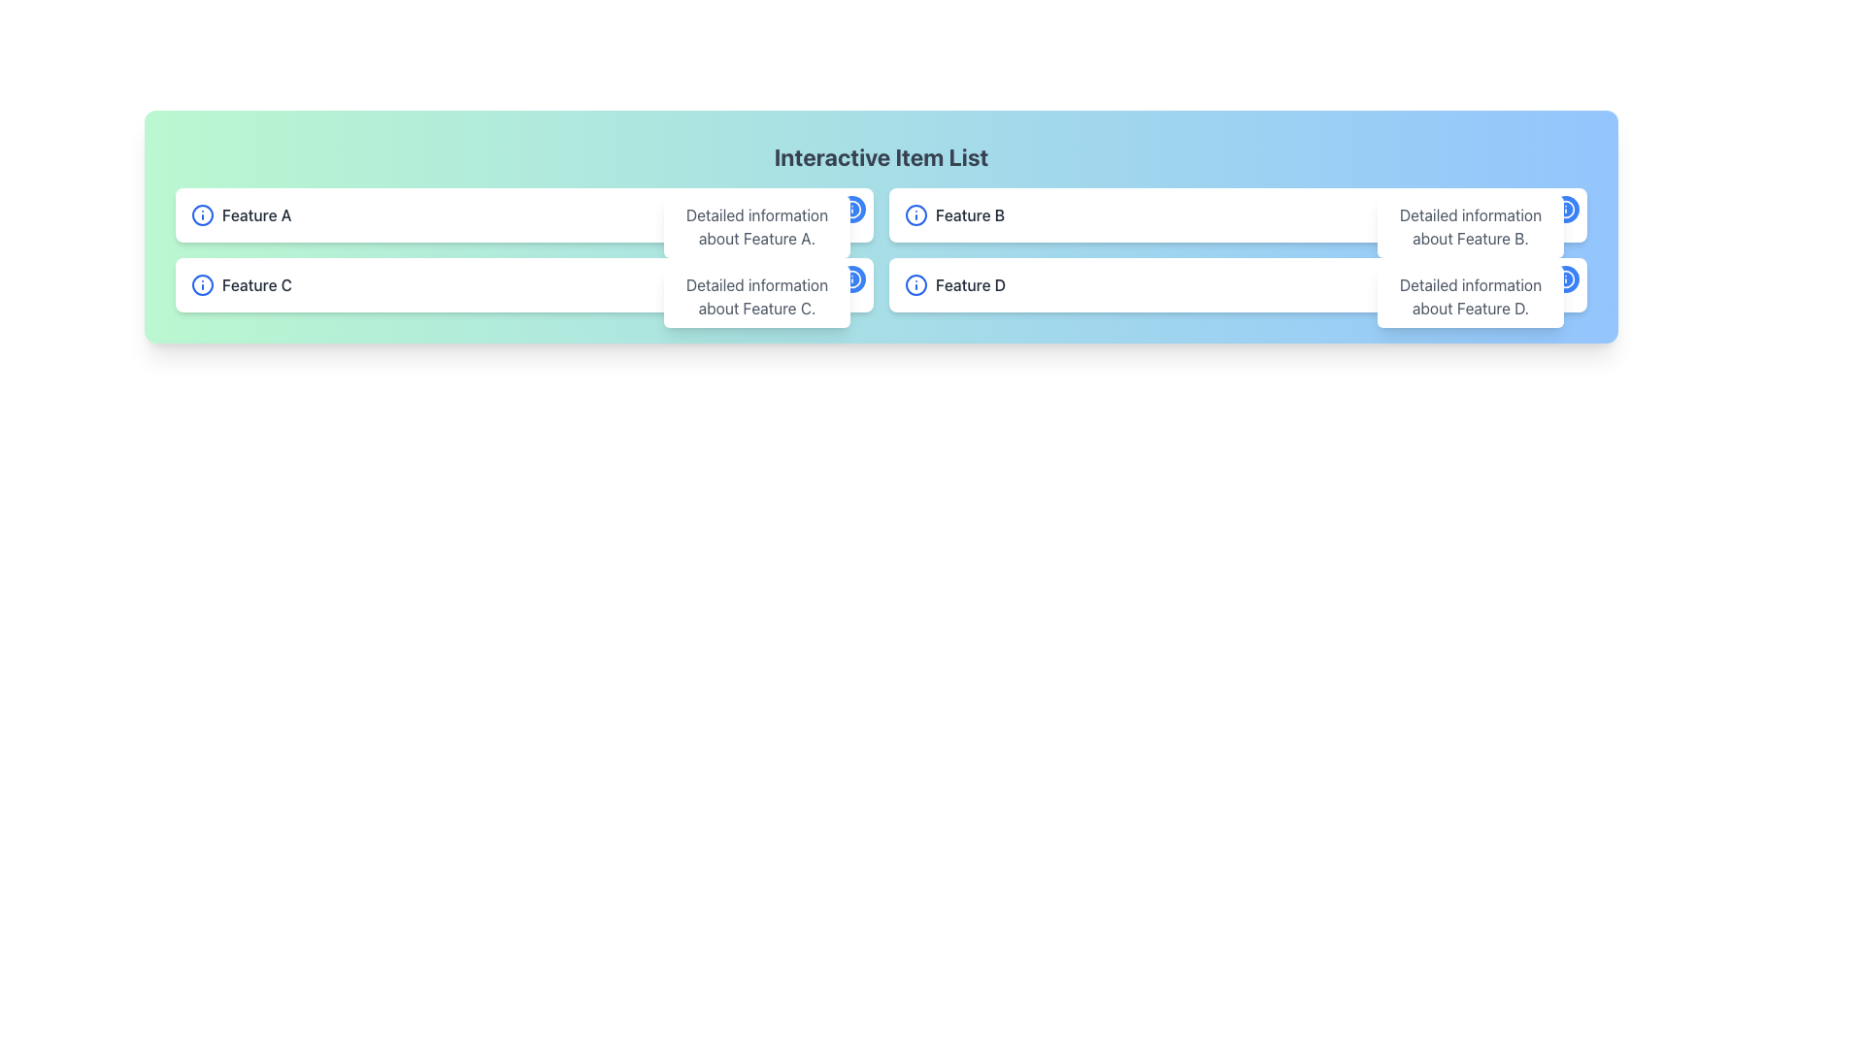 Image resolution: width=1864 pixels, height=1048 pixels. What do you see at coordinates (852, 279) in the screenshot?
I see `blue circular SVG icon that resembles an information symbol, located next to 'Feature C' in the second row of the Interactive Item List` at bounding box center [852, 279].